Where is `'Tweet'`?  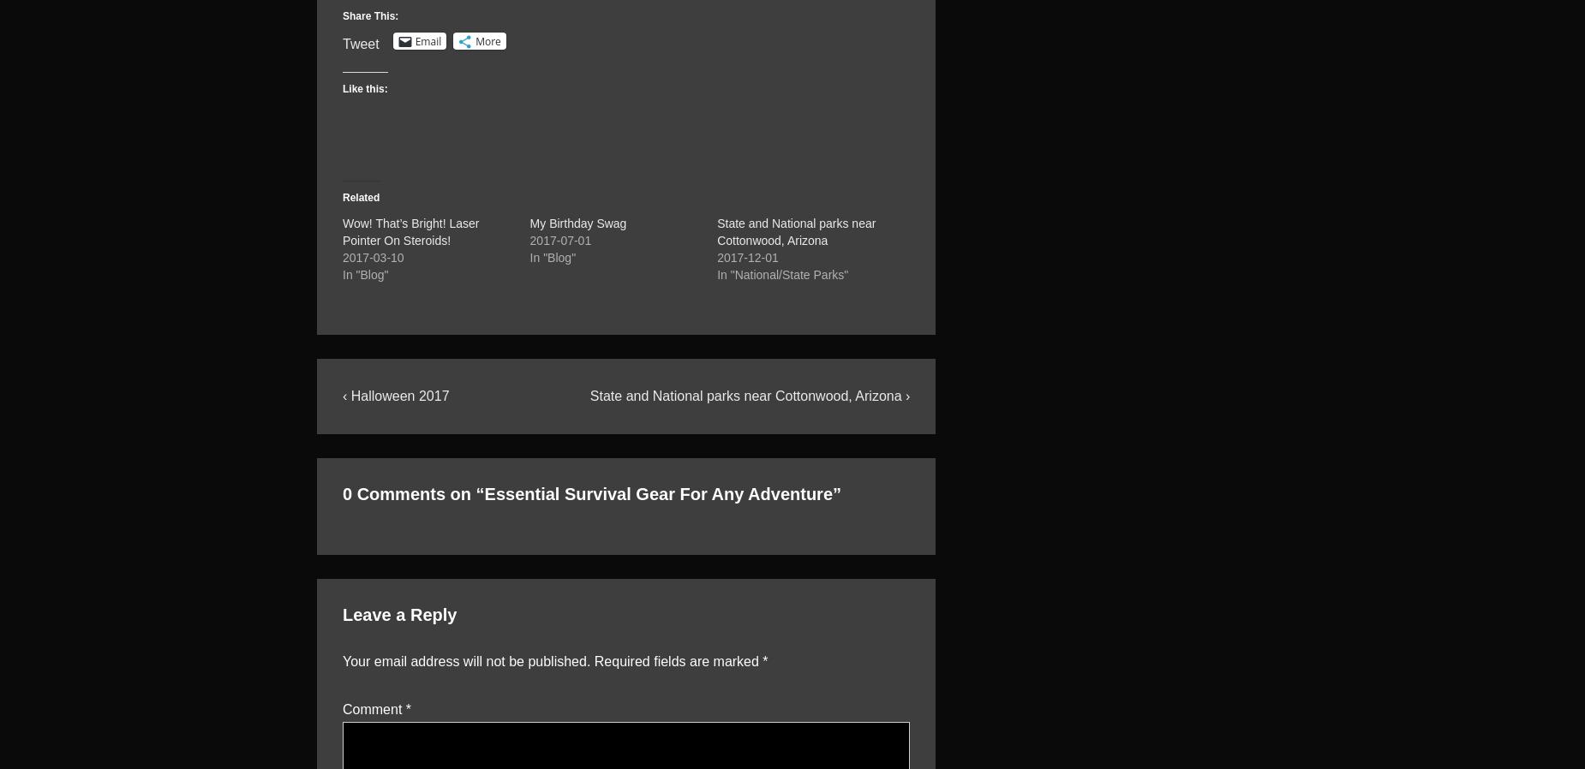 'Tweet' is located at coordinates (360, 43).